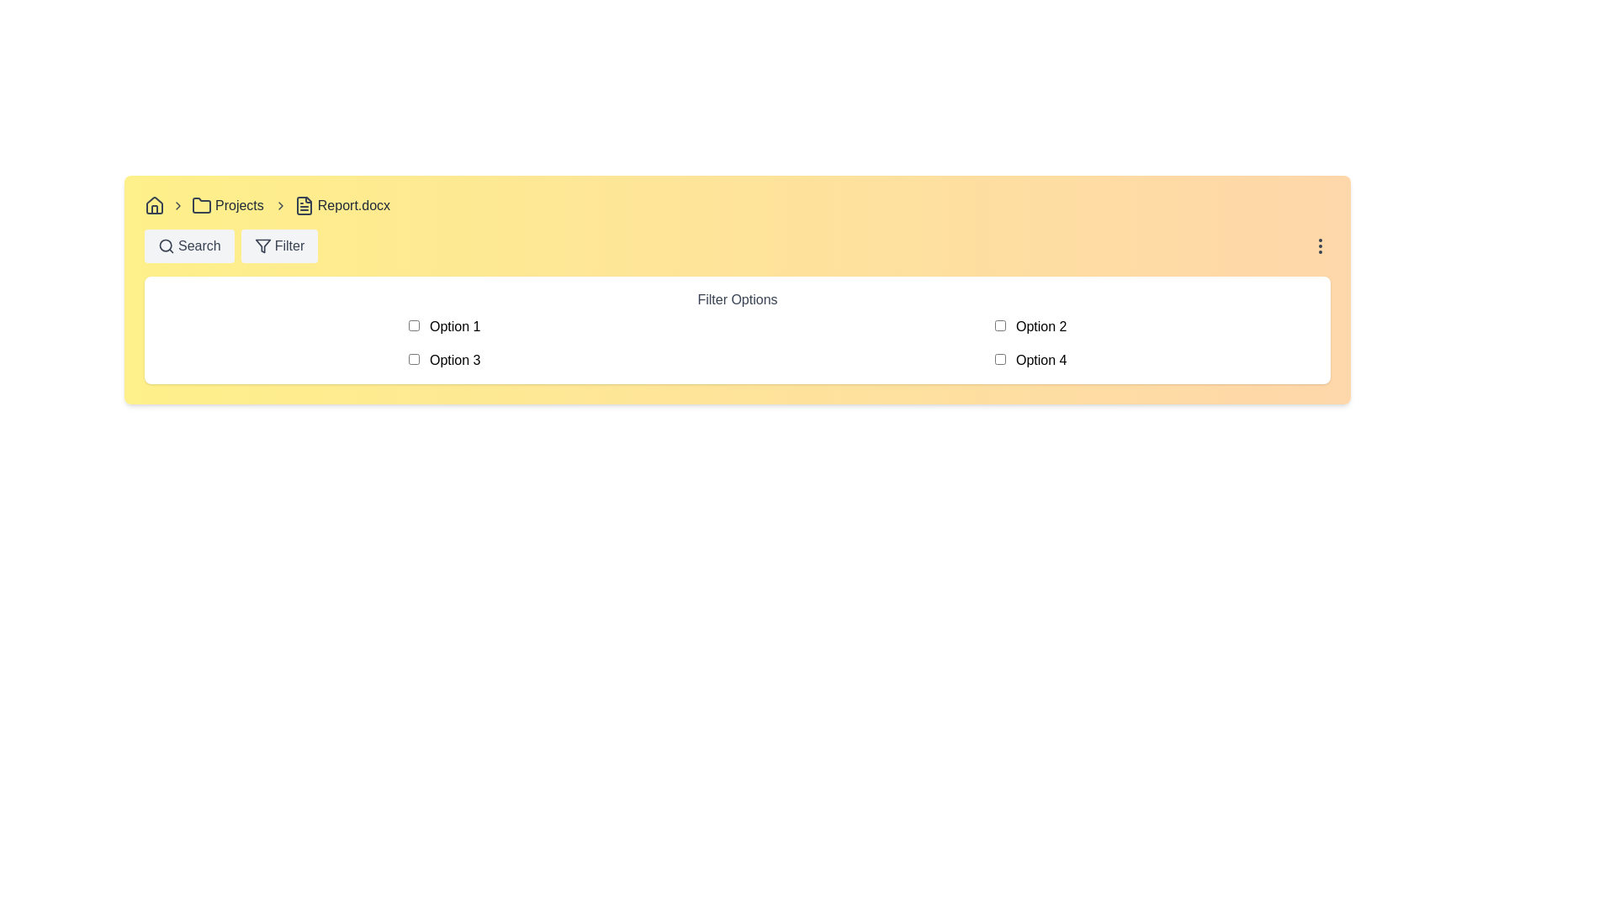 The height and width of the screenshot is (908, 1615). Describe the element at coordinates (279, 246) in the screenshot. I see `the 'Filter' button, which has a light gray background, rounded edges, and contains a funnel icon followed by the text 'Filter'` at that location.